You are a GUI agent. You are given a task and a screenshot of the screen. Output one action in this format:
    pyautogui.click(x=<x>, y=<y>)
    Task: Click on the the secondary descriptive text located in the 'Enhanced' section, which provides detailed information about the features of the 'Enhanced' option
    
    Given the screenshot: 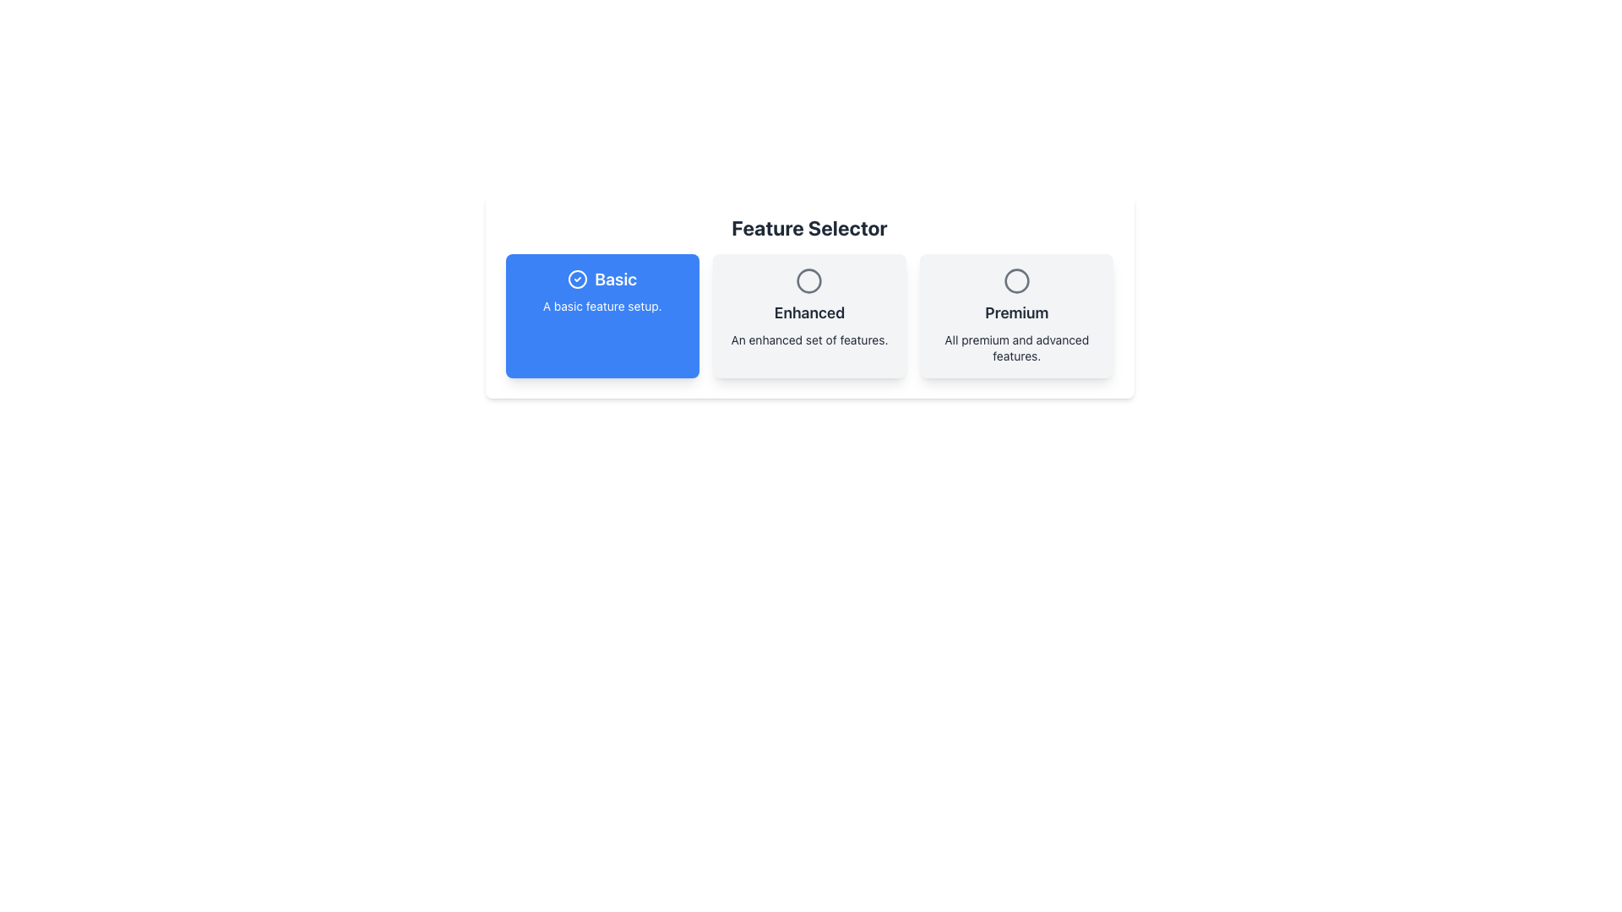 What is the action you would take?
    pyautogui.click(x=808, y=339)
    